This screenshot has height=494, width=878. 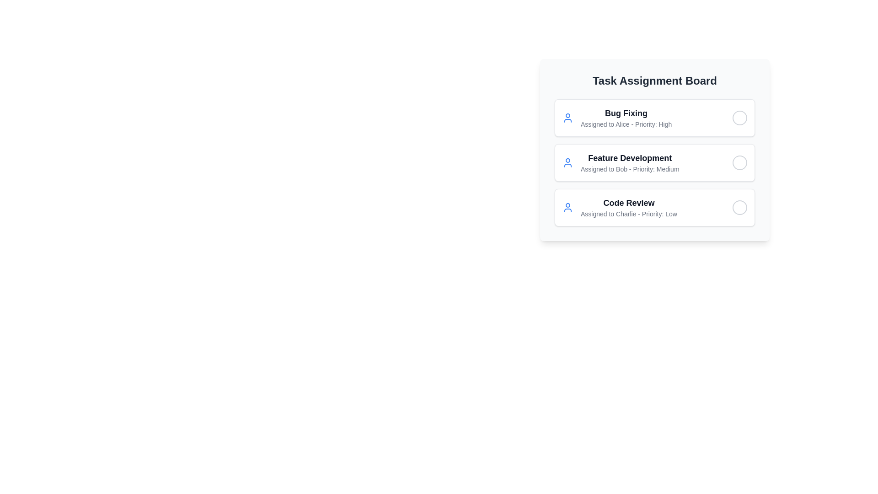 I want to click on the user profile icon, which is a small blue rounded shape representing a user's head and shoulders, located to the left of the text 'Assigned to Charlie - Priority: Low' in the 'Code Review' task list, so click(x=567, y=208).